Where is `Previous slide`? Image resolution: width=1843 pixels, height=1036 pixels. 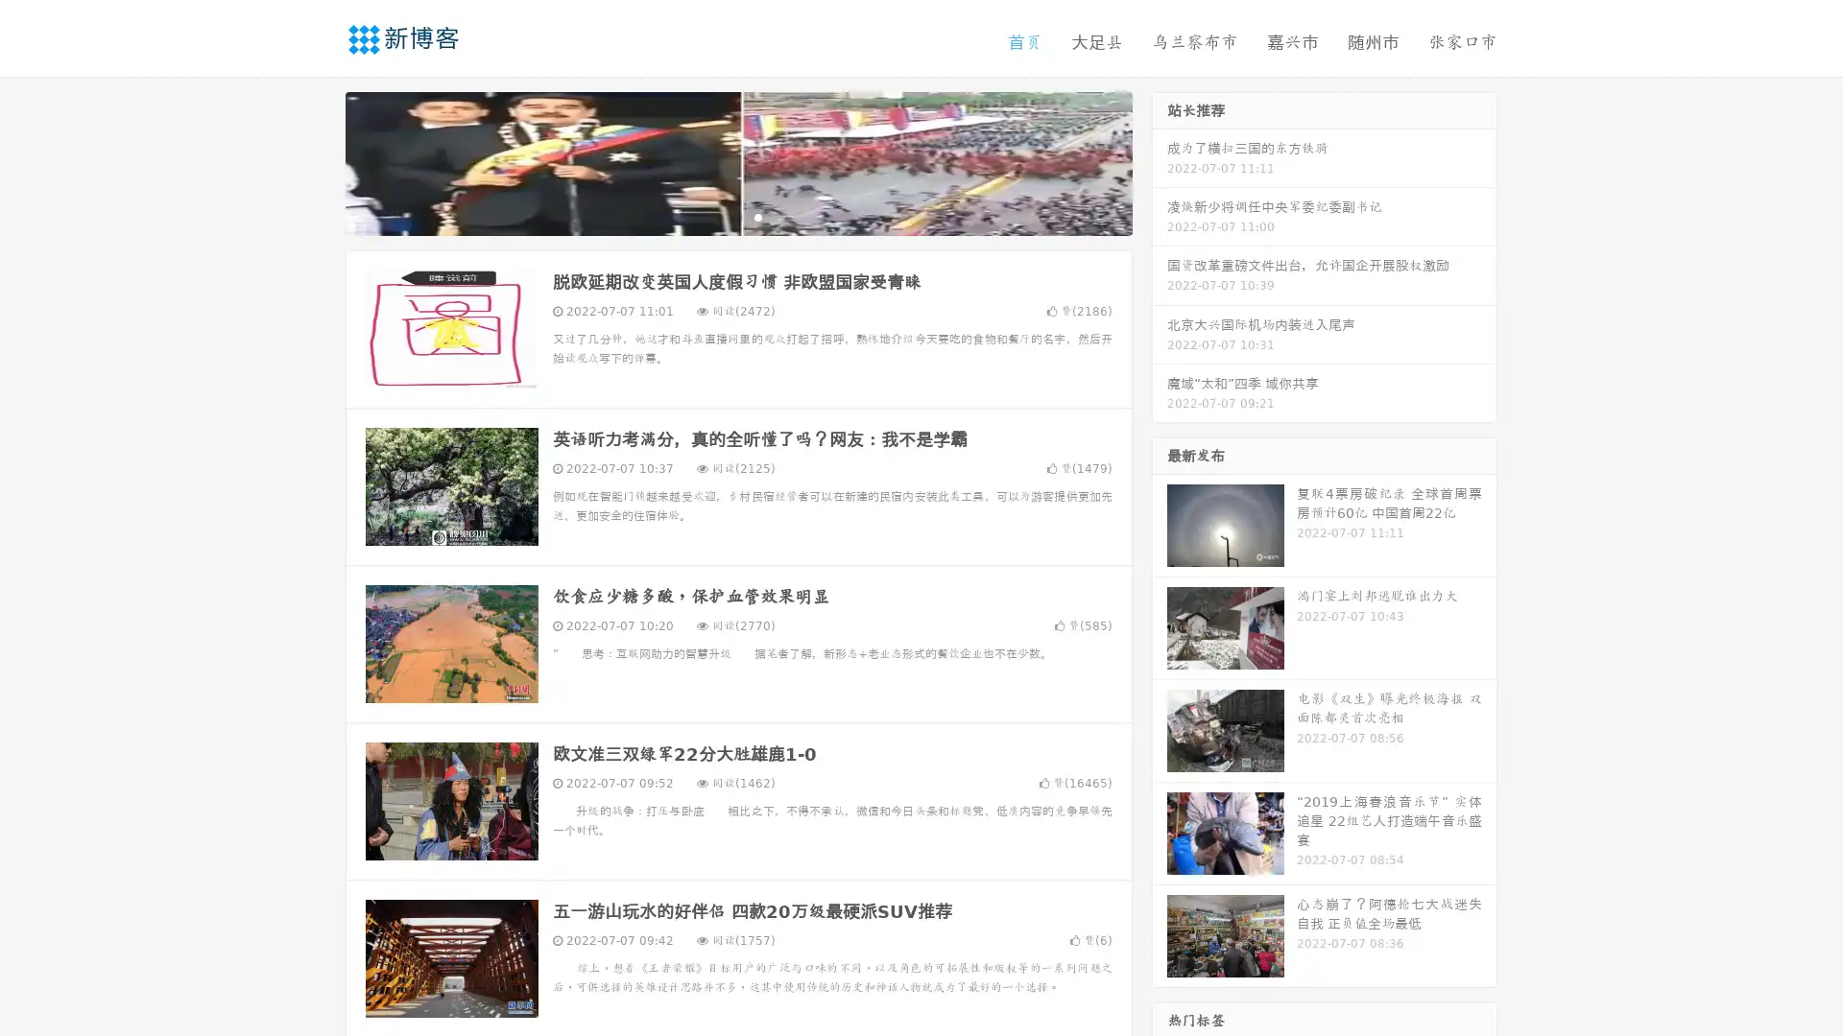 Previous slide is located at coordinates (317, 161).